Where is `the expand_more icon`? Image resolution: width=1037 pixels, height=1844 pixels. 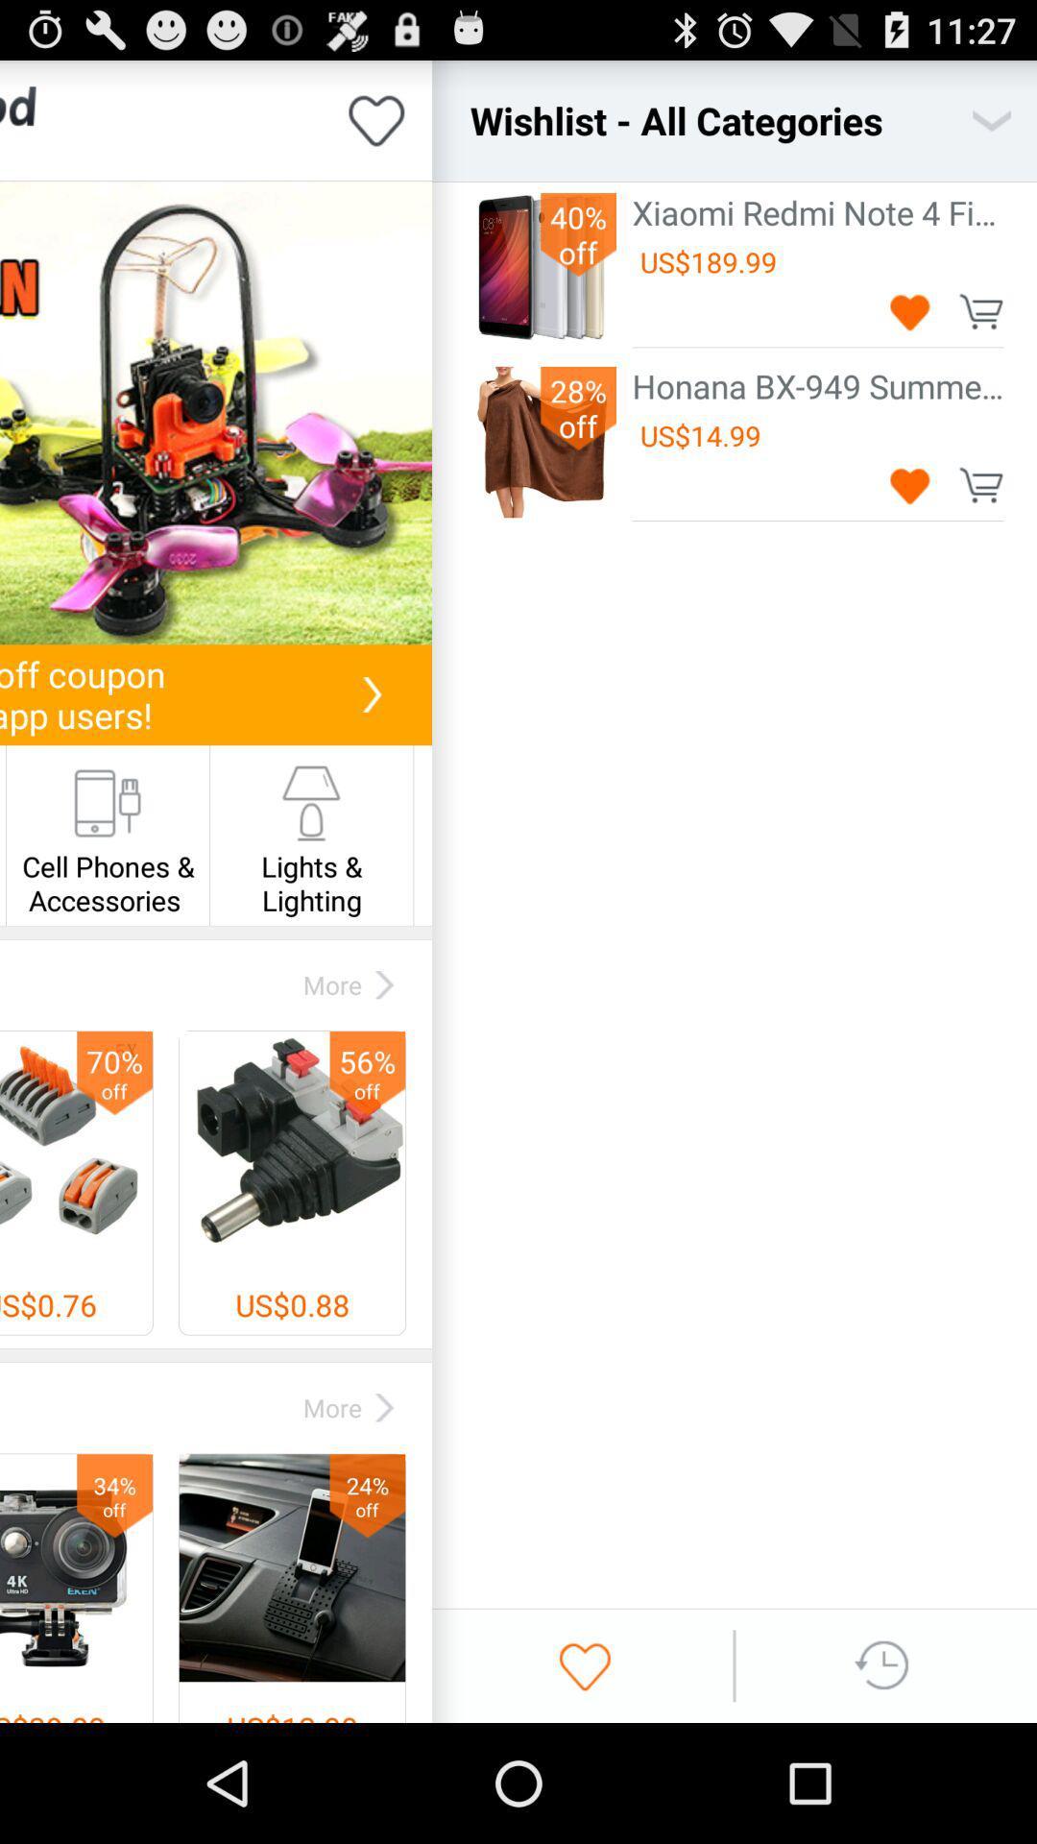
the expand_more icon is located at coordinates (992, 128).